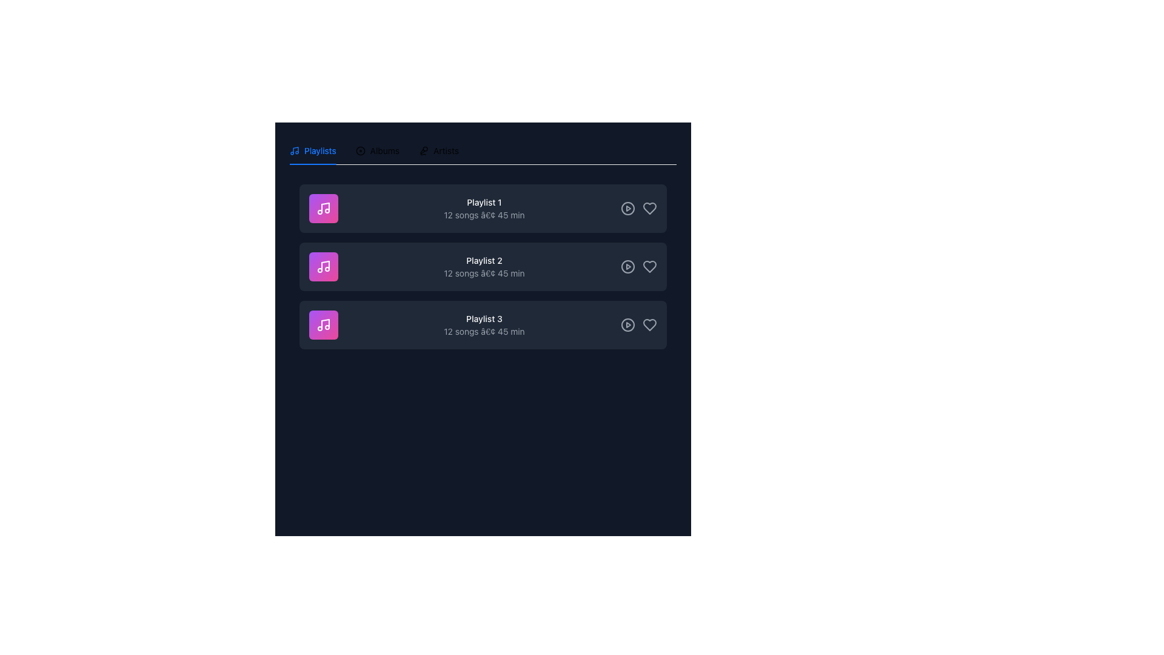 The height and width of the screenshot is (655, 1164). What do you see at coordinates (483, 332) in the screenshot?
I see `the gray-colored text label displaying '12 songs • 45 min' located in the 'Playlist 3' section, which is in the third row of the playlist grid` at bounding box center [483, 332].